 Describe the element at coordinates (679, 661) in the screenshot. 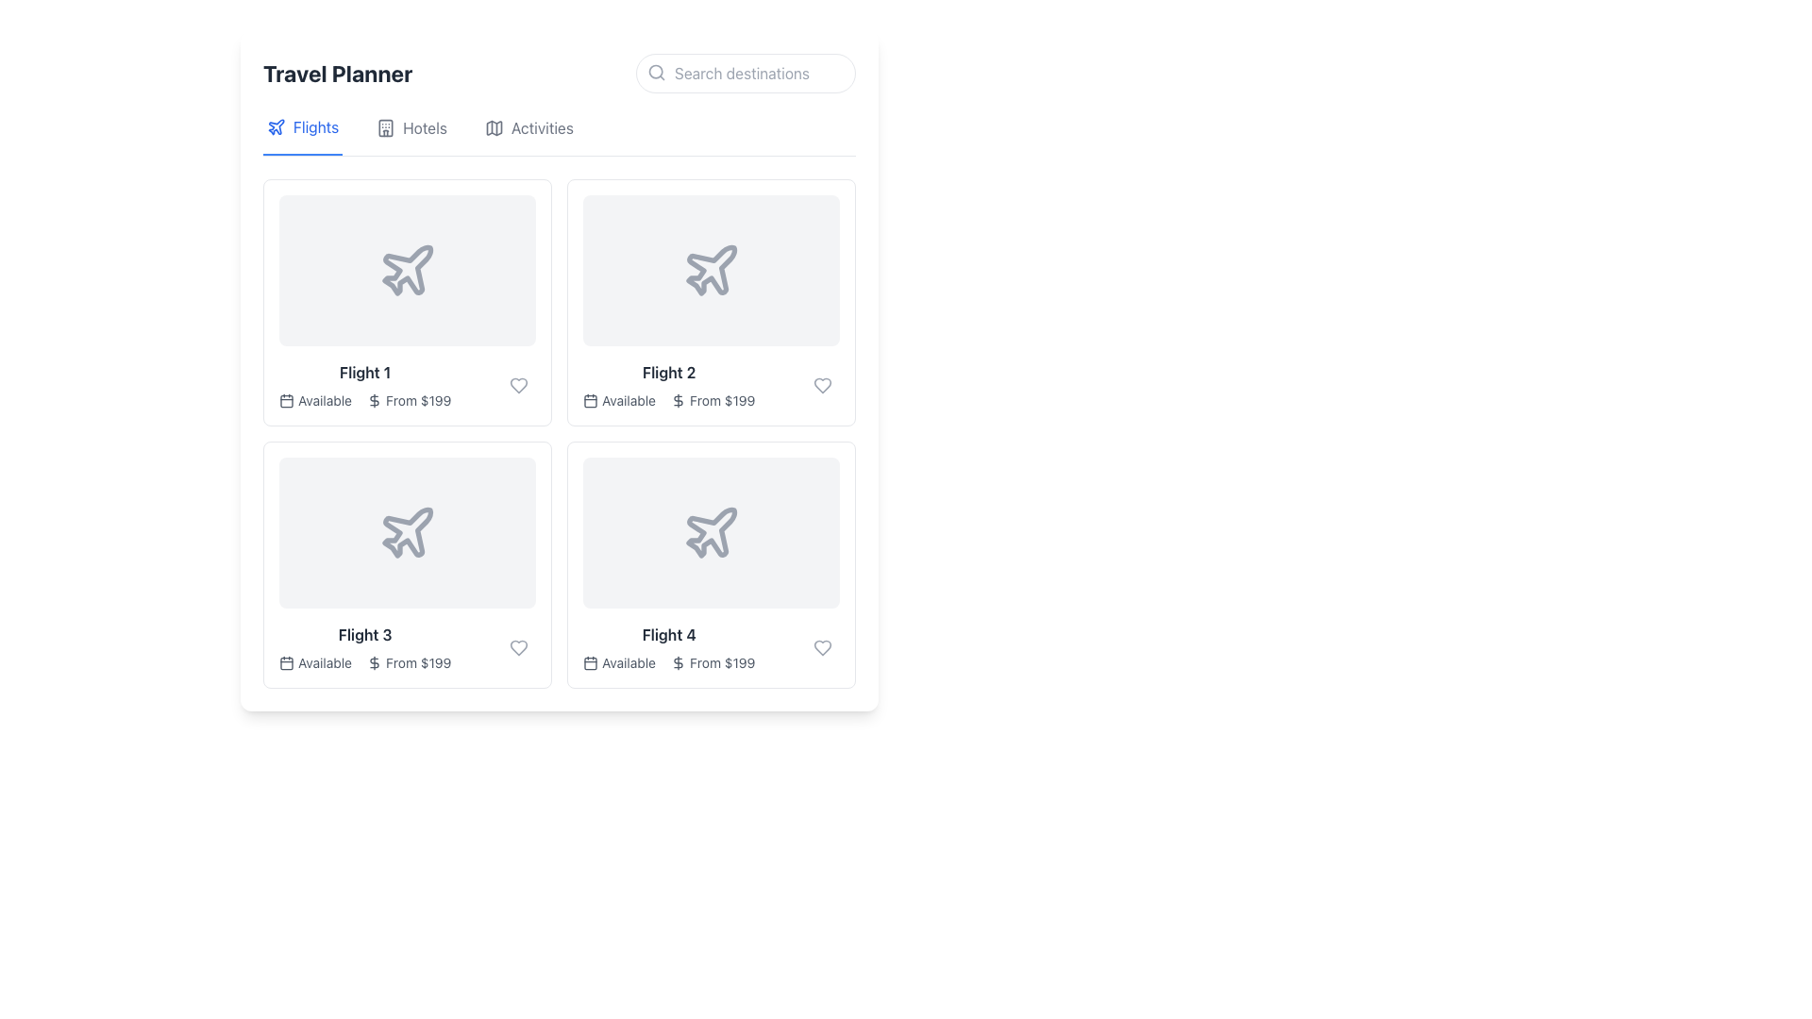

I see `the currency icon located to the left of the price text 'From $199' in the bottom section of the fourth flight card` at that location.